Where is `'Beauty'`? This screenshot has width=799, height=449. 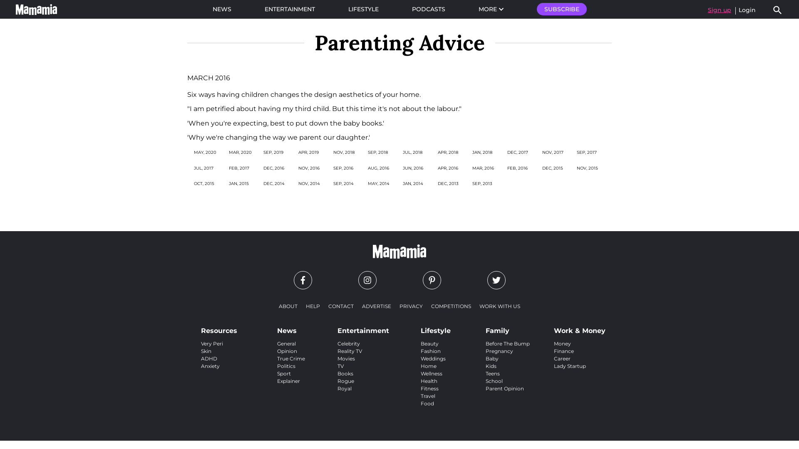 'Beauty' is located at coordinates (429, 343).